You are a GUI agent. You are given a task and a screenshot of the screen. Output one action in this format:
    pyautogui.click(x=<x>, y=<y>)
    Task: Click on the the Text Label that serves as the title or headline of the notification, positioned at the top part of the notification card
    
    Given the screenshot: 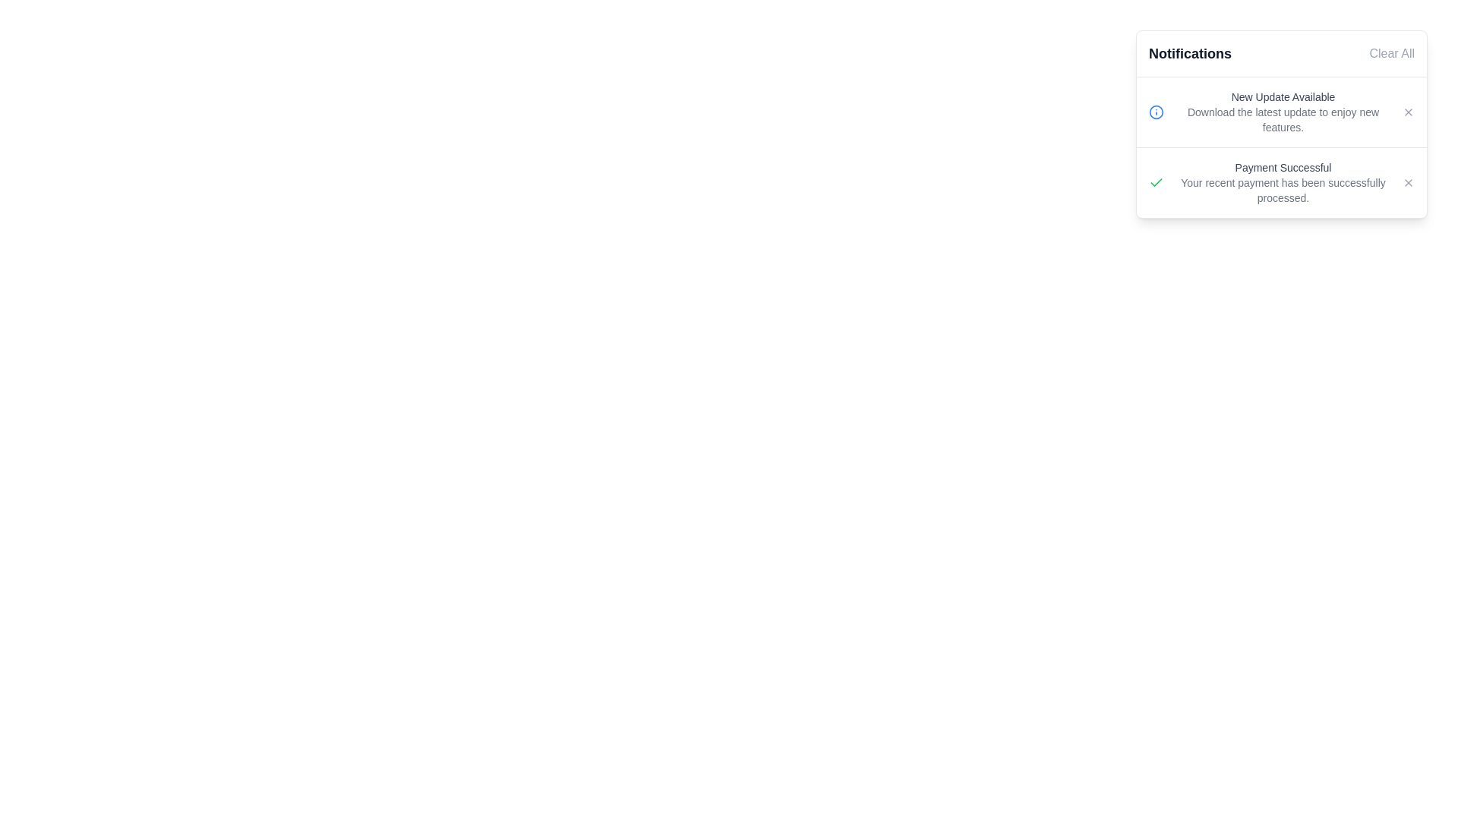 What is the action you would take?
    pyautogui.click(x=1282, y=96)
    